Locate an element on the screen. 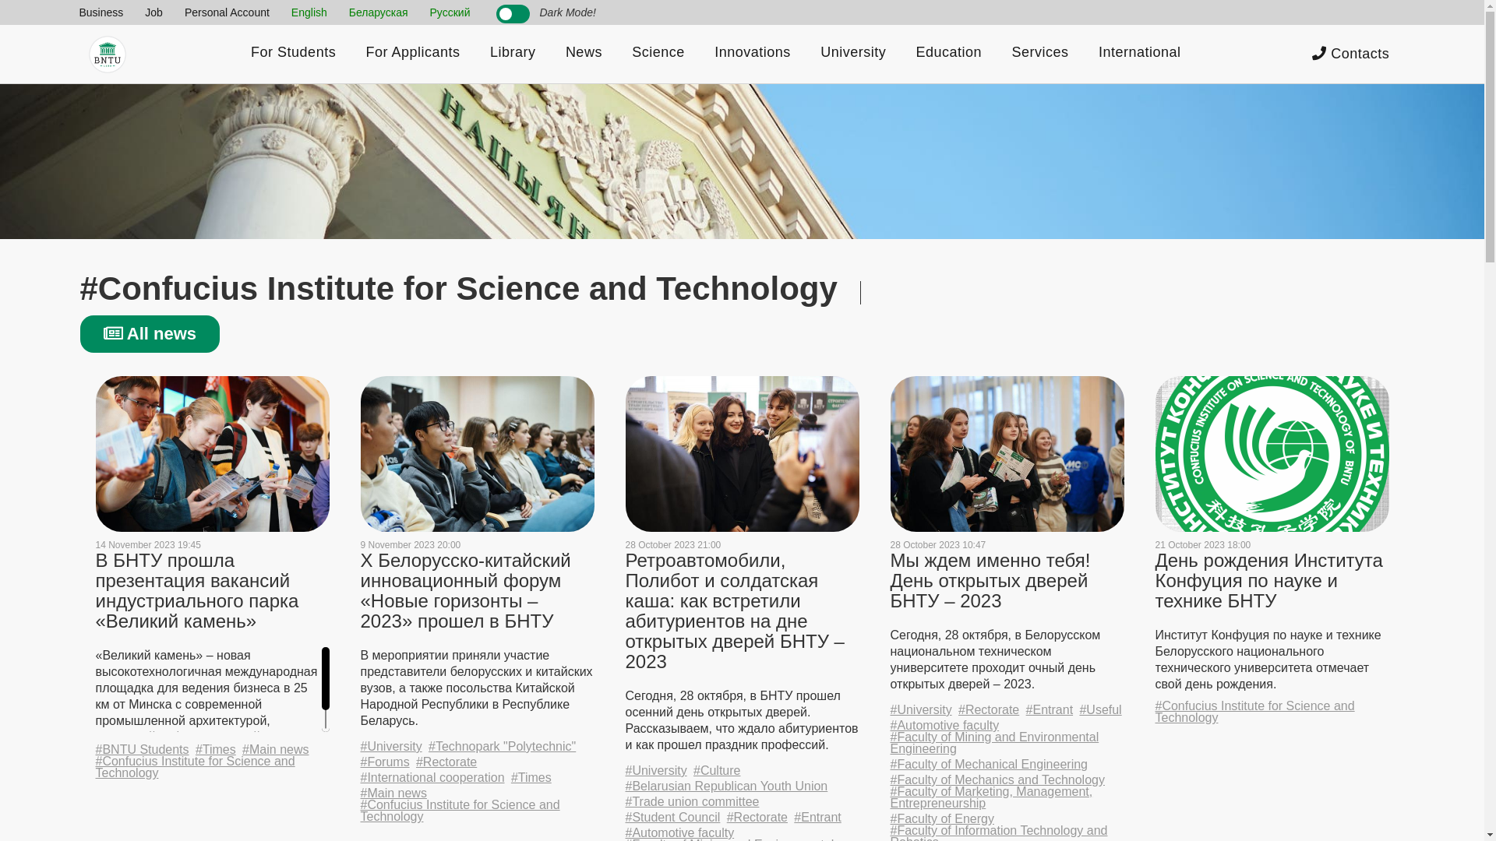 This screenshot has width=1496, height=841. 'English' is located at coordinates (309, 12).